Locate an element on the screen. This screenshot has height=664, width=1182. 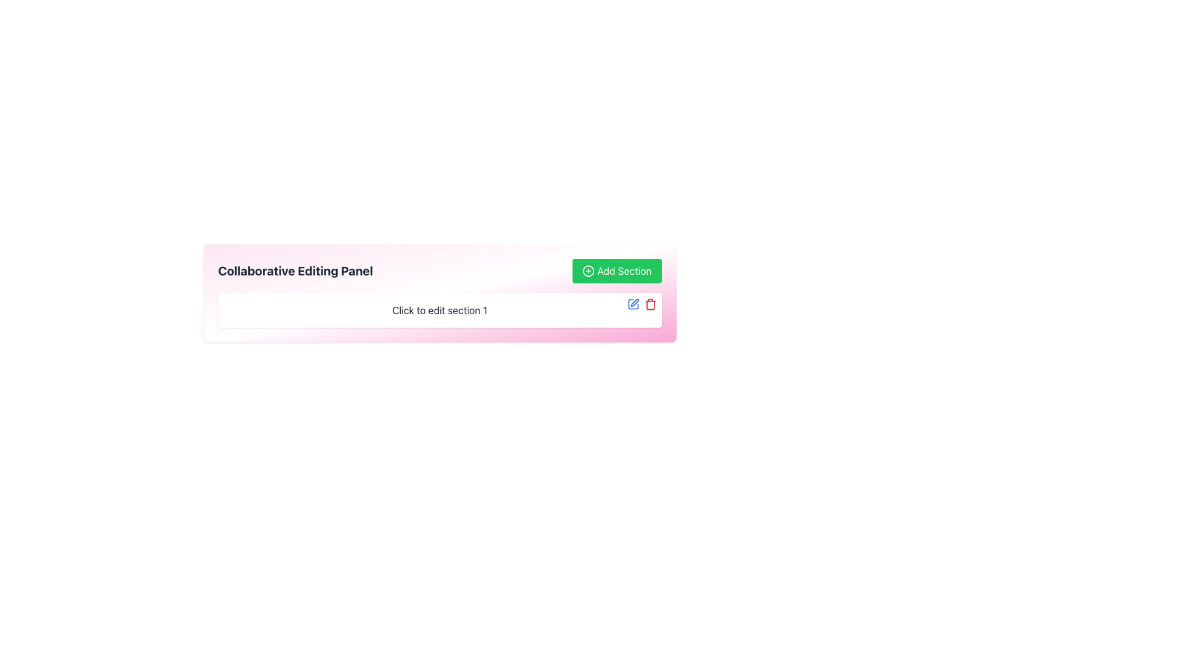
the circle-shaped icon with a plus sign inside, which is part of the green button labeled 'Add Section' in the 'Collaborative Editing Panel' is located at coordinates (588, 270).